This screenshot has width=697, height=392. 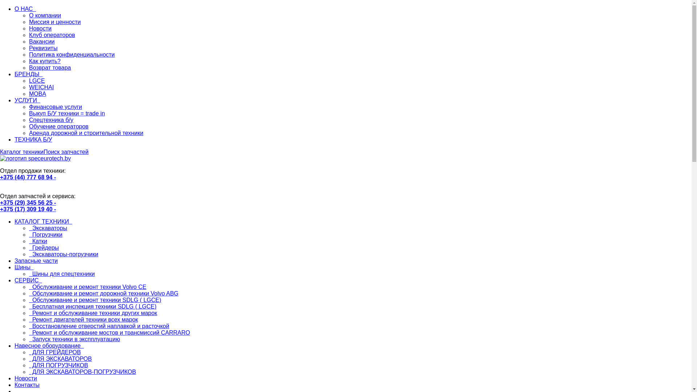 What do you see at coordinates (37, 93) in the screenshot?
I see `'MOBA'` at bounding box center [37, 93].